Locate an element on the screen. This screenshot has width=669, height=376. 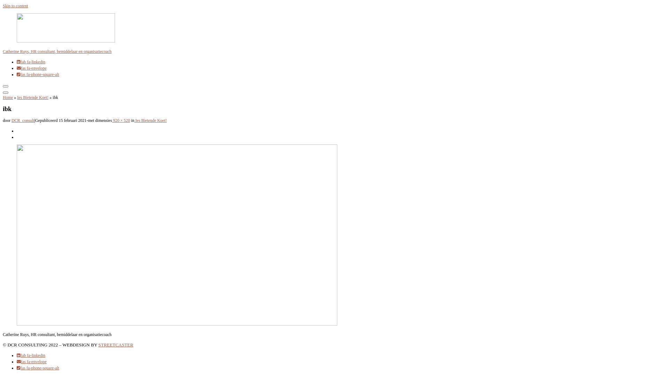
'Home' is located at coordinates (8, 97).